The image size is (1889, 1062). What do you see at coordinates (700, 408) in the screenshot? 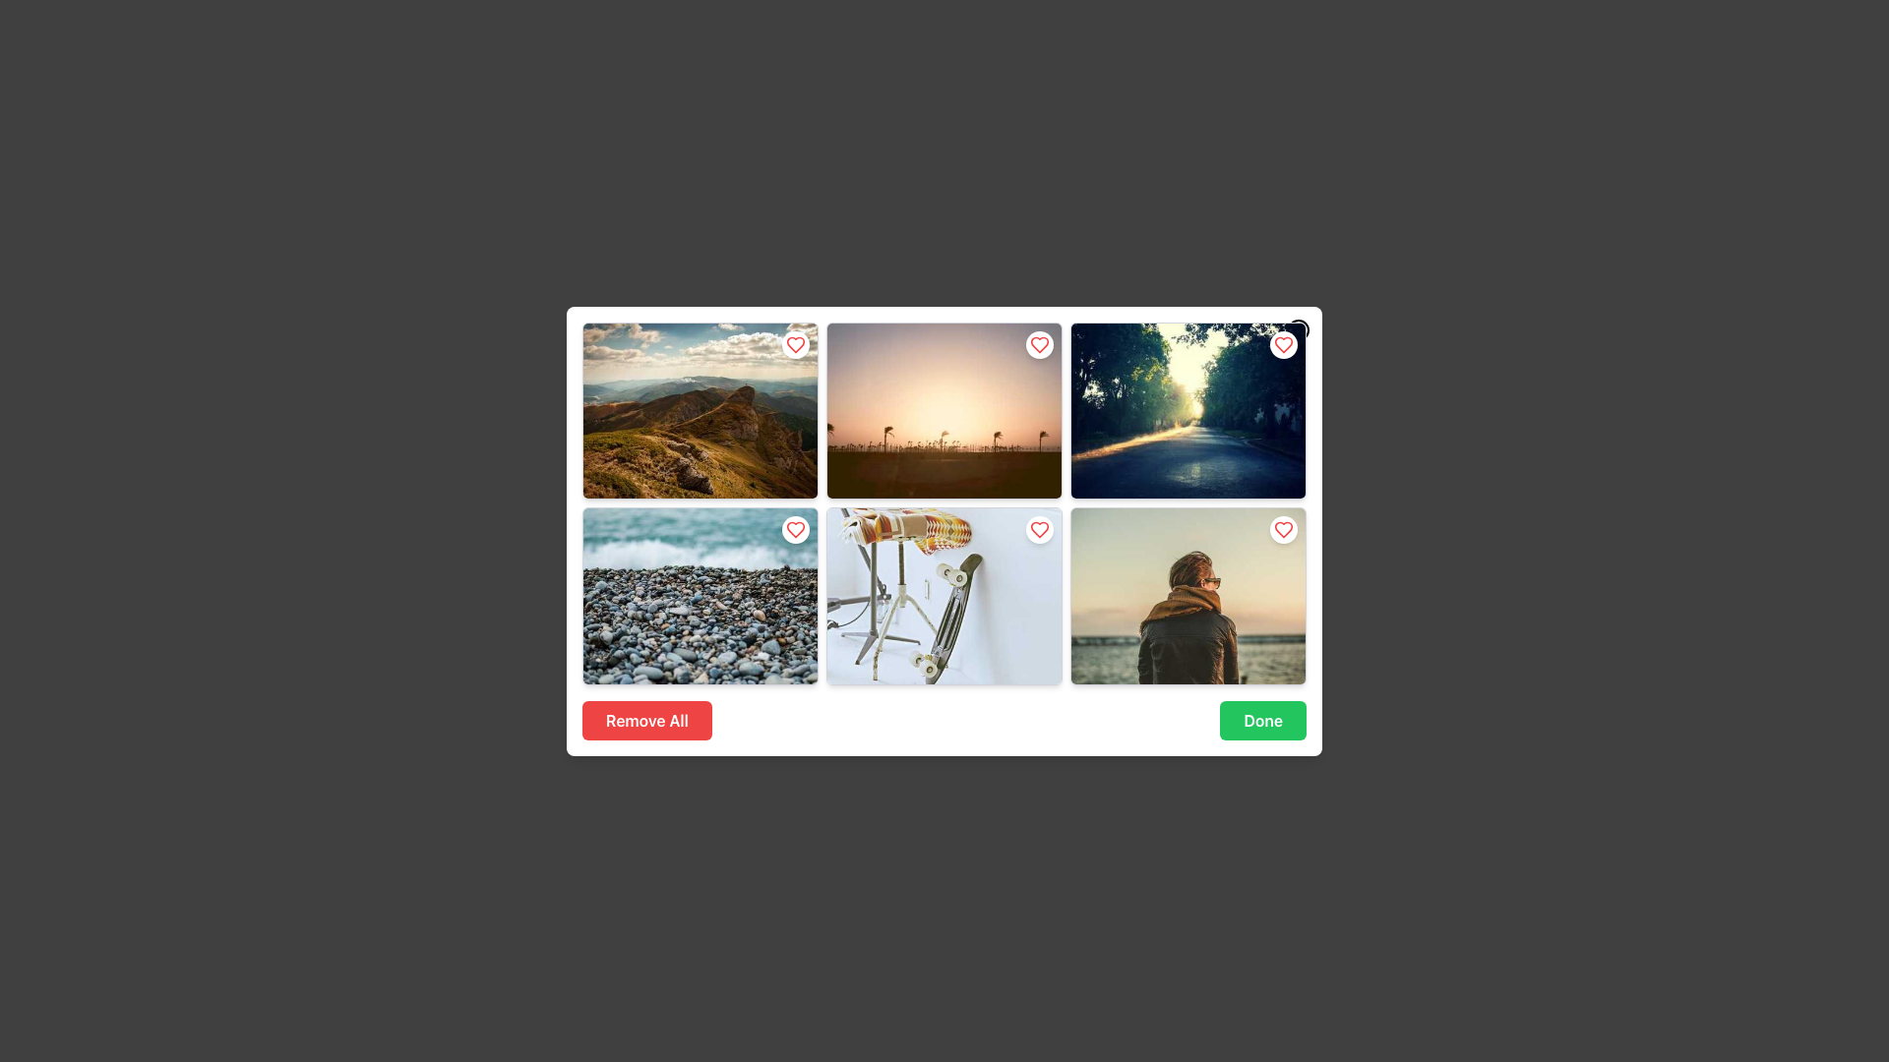
I see `the image component located` at bounding box center [700, 408].